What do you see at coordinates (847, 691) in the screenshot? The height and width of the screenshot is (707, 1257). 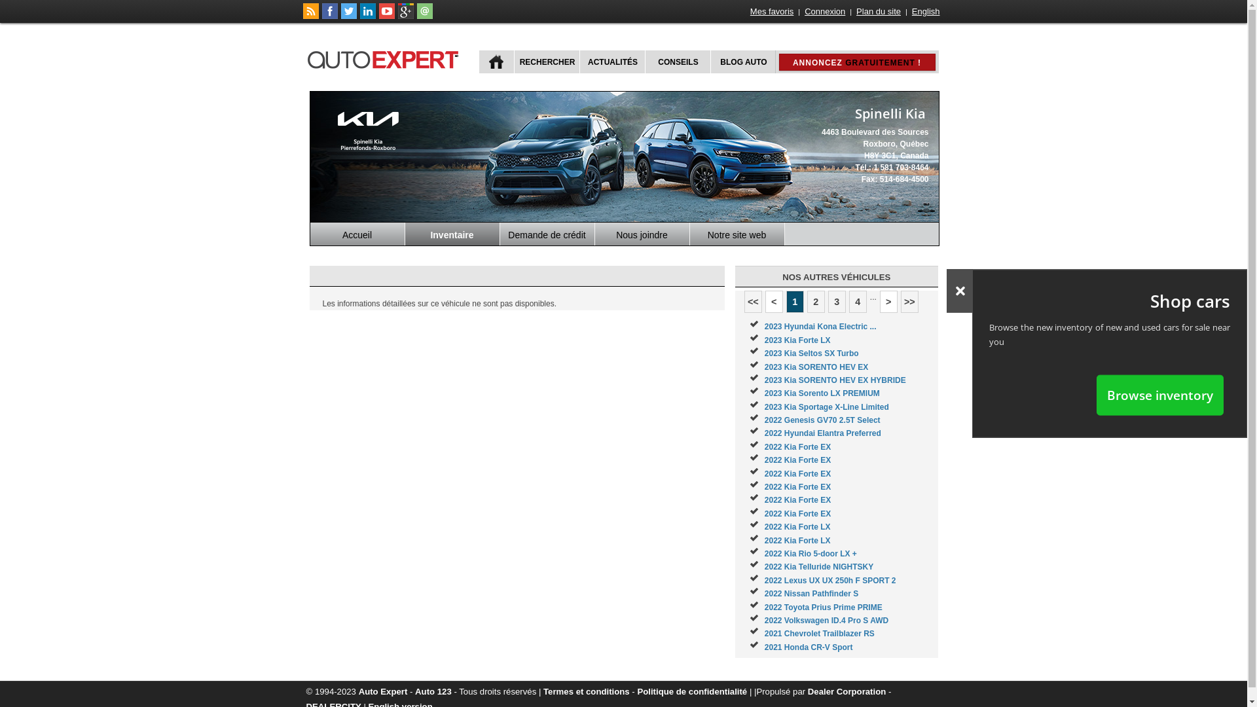 I see `'Dealer Corporation'` at bounding box center [847, 691].